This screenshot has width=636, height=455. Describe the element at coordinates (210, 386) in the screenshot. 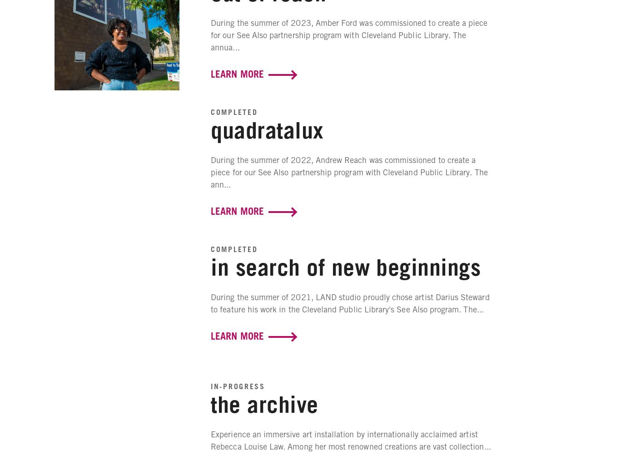

I see `'In-Progress'` at that location.